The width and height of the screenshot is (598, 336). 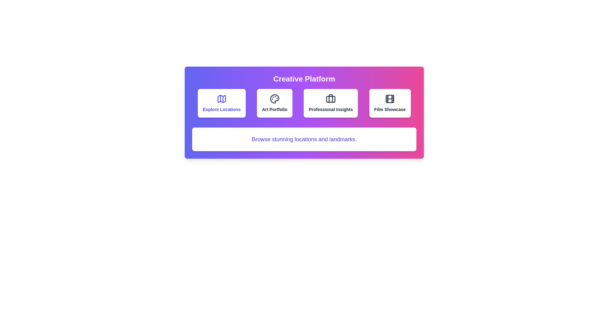 What do you see at coordinates (221, 103) in the screenshot?
I see `the category button labeled 'Explore Locations' to observe the hover effect` at bounding box center [221, 103].